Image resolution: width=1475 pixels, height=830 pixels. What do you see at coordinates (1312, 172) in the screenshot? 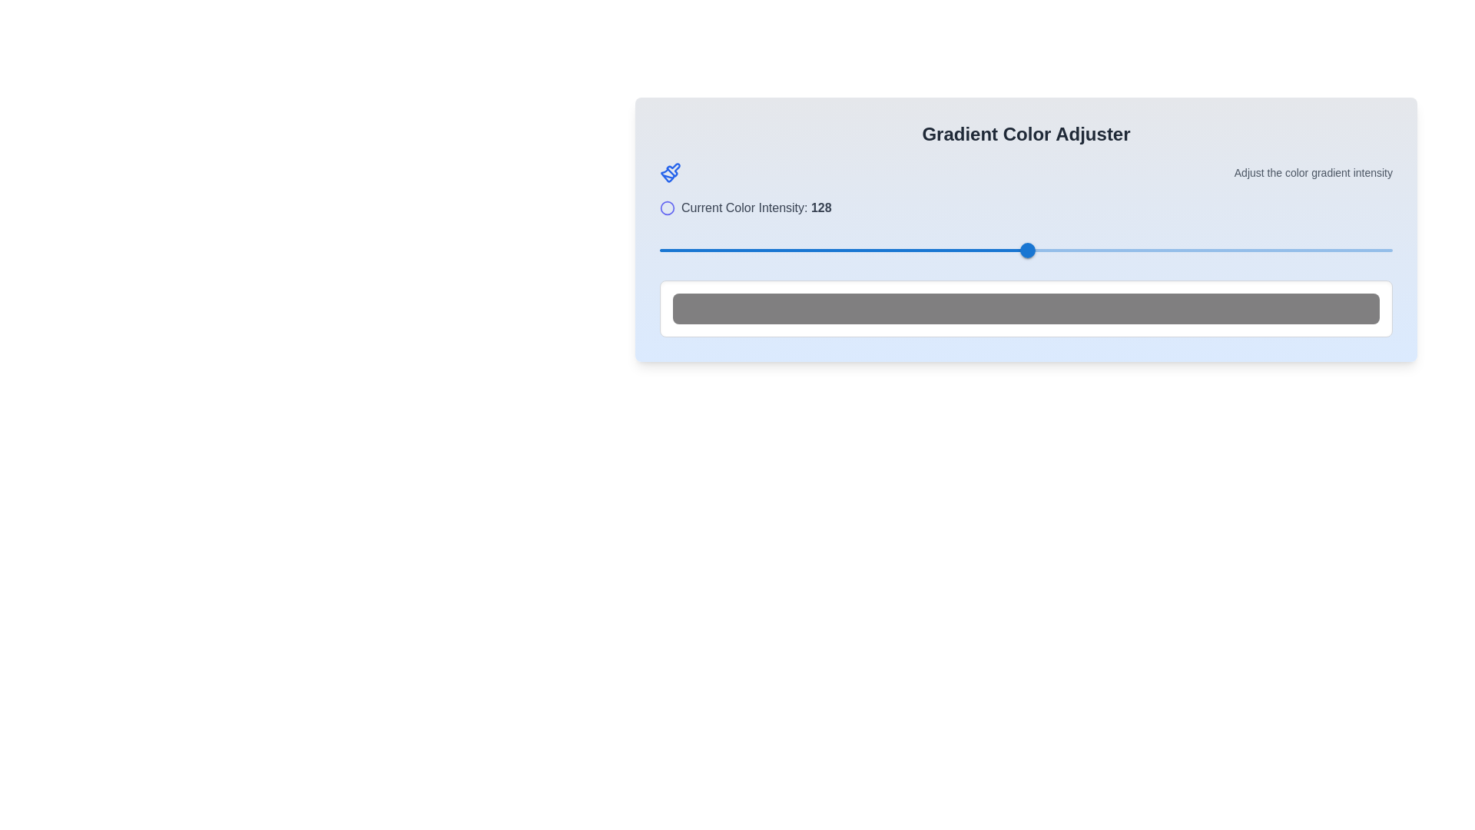
I see `text label stating 'Adjust the color gradient intensity', located in the upper-right corner of the 'Gradient Color Adjuster' panel` at bounding box center [1312, 172].